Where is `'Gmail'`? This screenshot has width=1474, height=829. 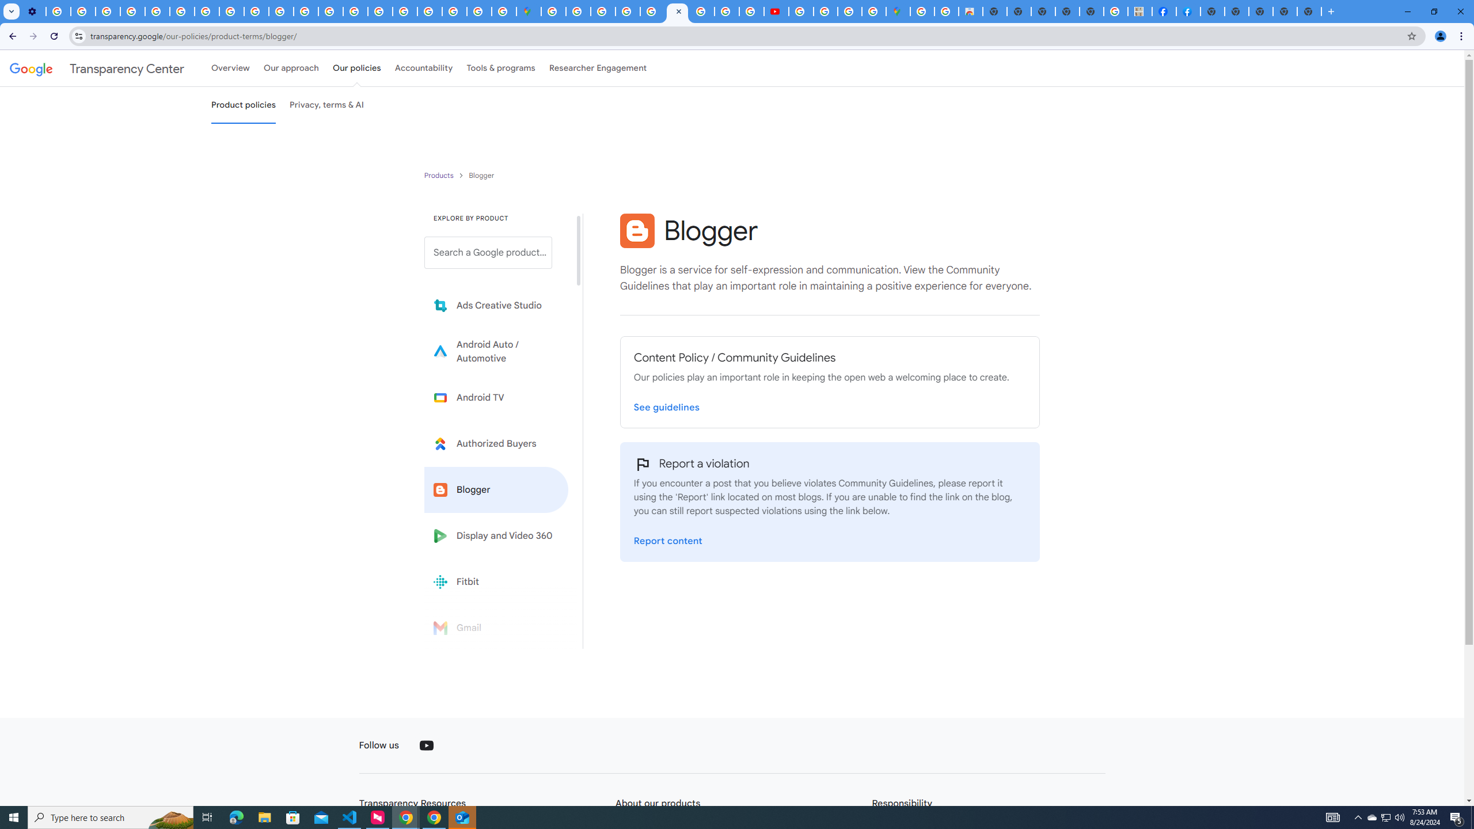
'Gmail' is located at coordinates (496, 627).